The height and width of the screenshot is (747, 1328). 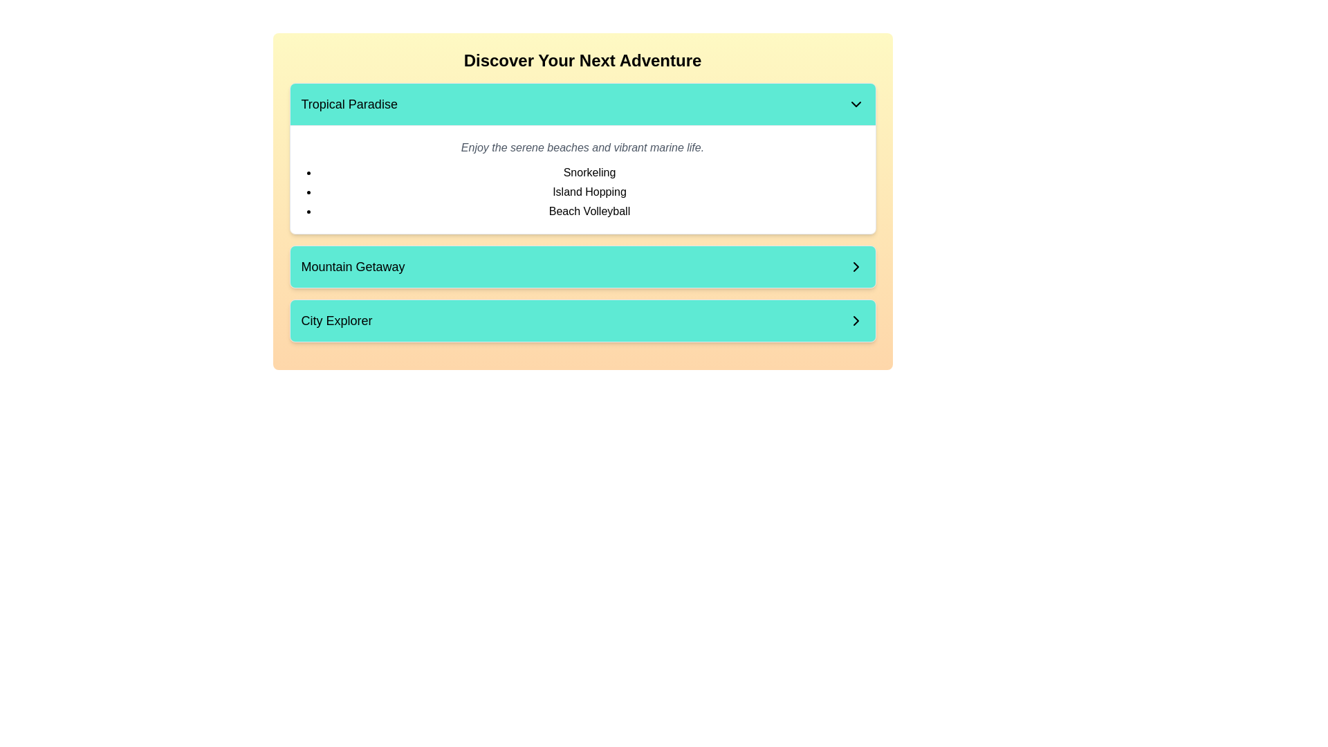 I want to click on the 'City Explorer' button, which is a wide rectangular button with a teal background located at the bottom of the list under 'Discover Your Next Adventure', so click(x=582, y=320).